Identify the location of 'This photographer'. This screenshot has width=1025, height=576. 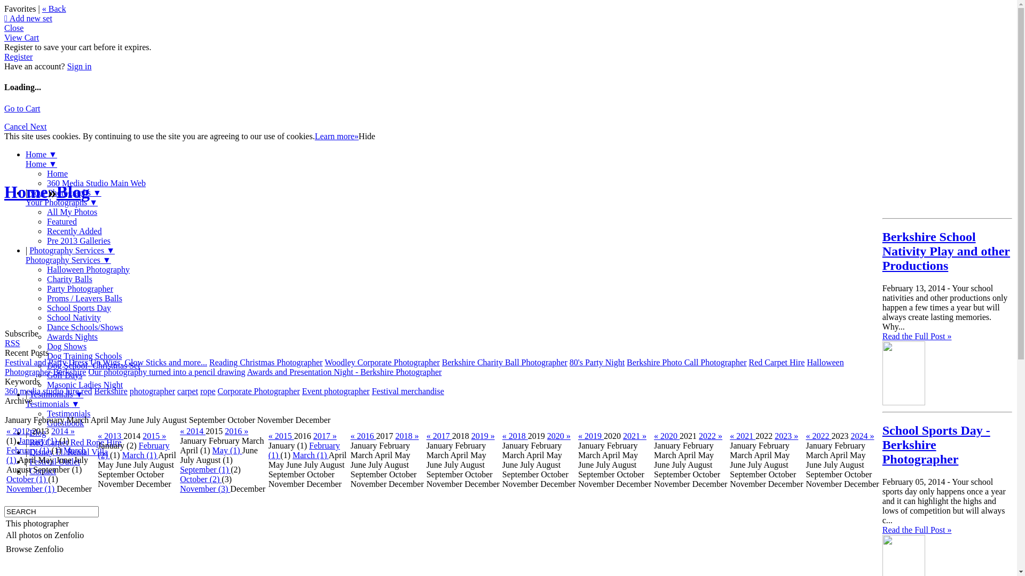
(37, 523).